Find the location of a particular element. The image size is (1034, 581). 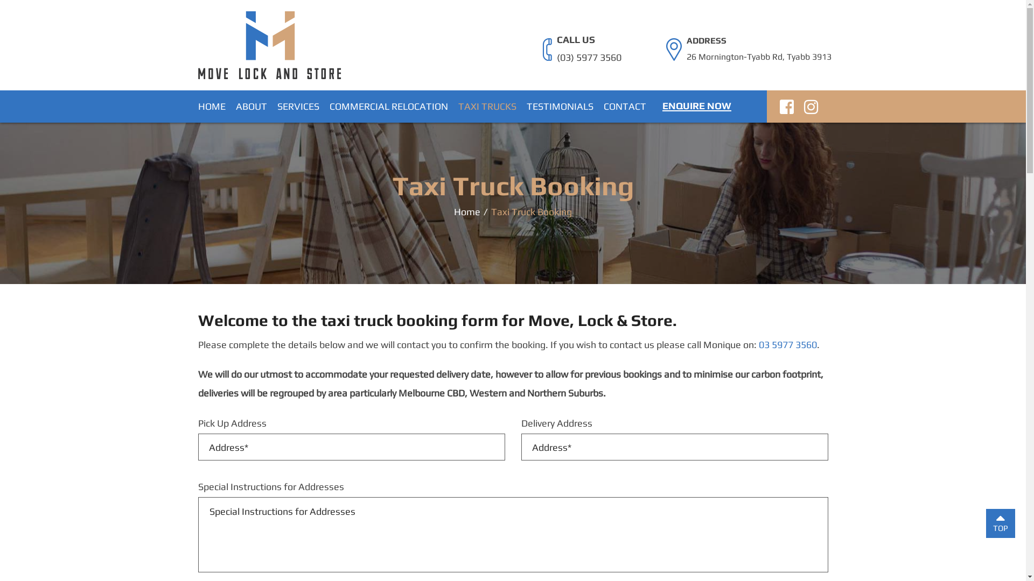

'TAXI TRUCKS' is located at coordinates (457, 106).